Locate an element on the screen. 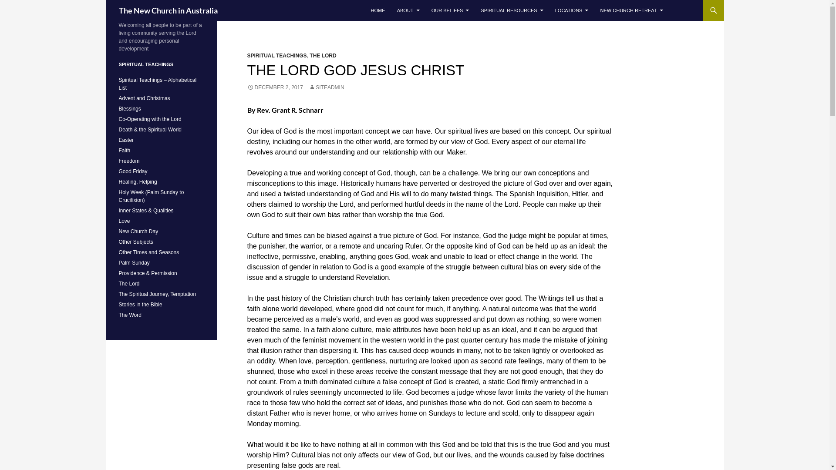  'SITEADMIN' is located at coordinates (326, 87).